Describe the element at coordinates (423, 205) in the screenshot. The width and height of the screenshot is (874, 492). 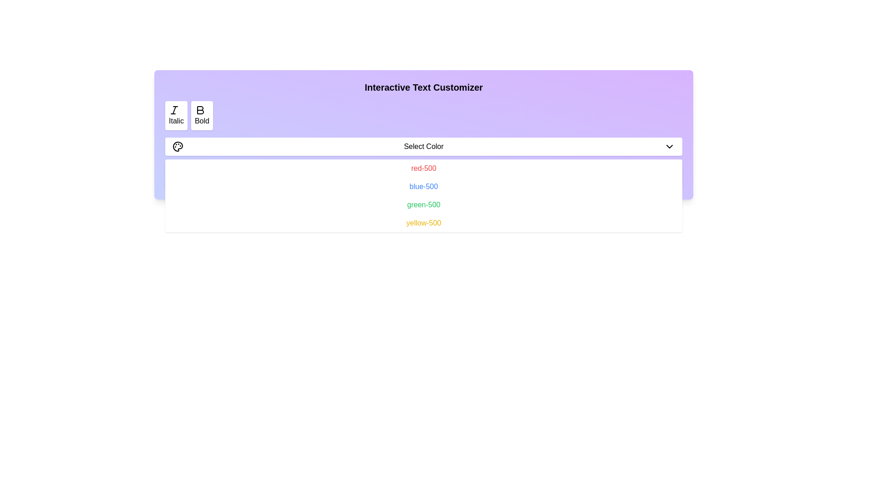
I see `the list item displaying the text 'green-500'` at that location.